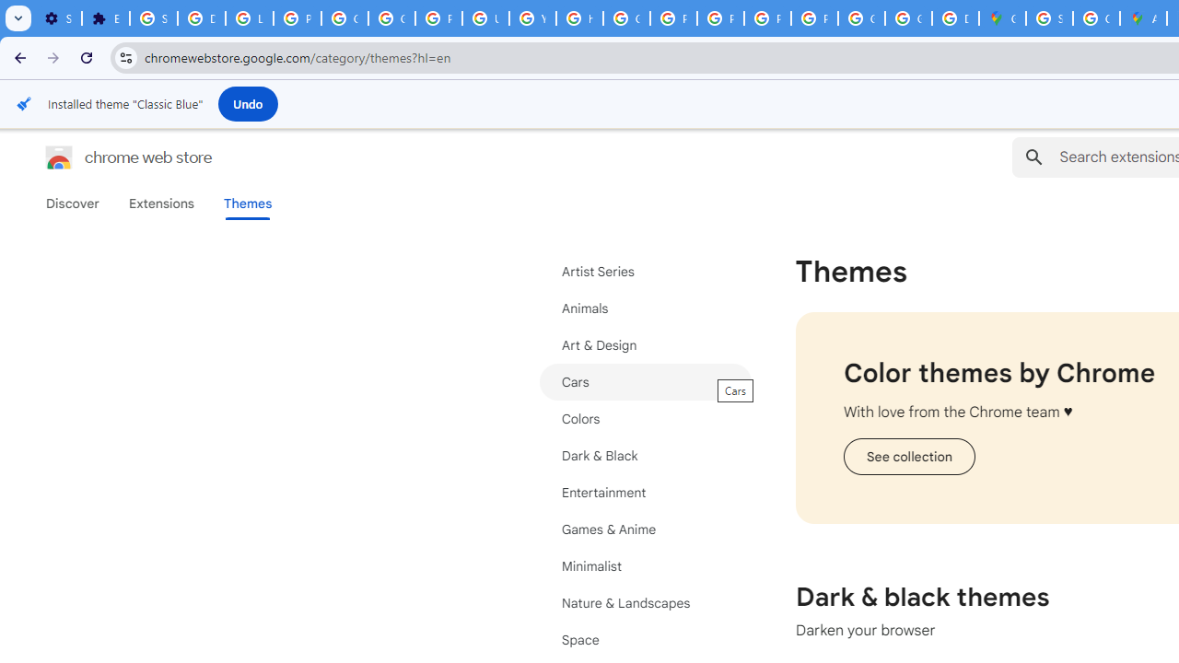 Image resolution: width=1179 pixels, height=663 pixels. I want to click on 'YouTube', so click(531, 18).